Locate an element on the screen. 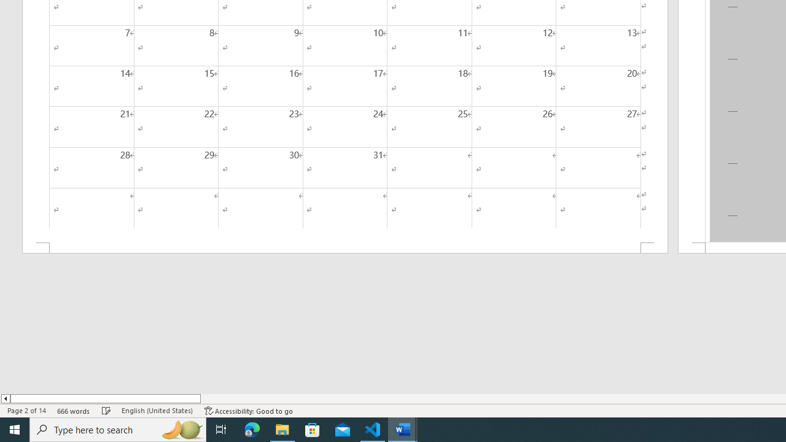 The image size is (786, 442). 'Page Number Page 2 of 14' is located at coordinates (26, 411).